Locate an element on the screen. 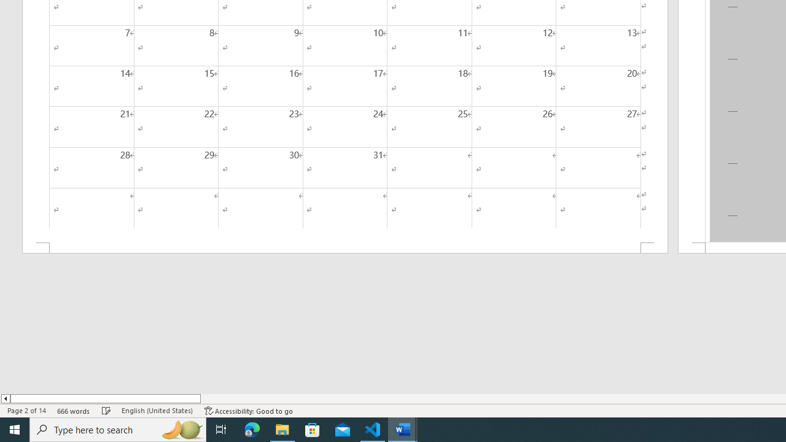 The image size is (786, 442). 'Page Number Page 2 of 14' is located at coordinates (26, 411).